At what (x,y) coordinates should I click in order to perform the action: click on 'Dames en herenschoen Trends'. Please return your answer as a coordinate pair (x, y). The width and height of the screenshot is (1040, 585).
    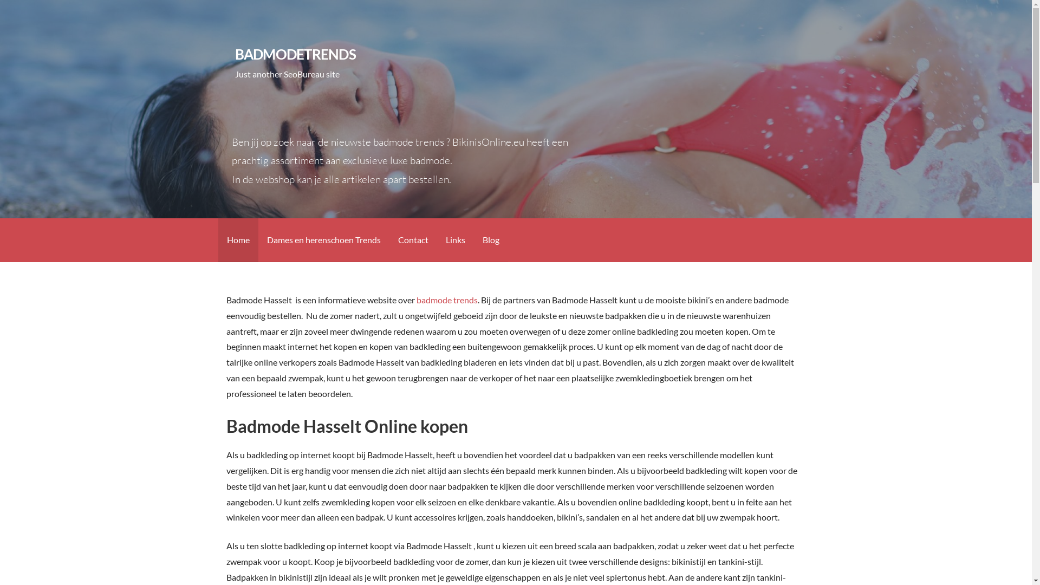
    Looking at the image, I should click on (322, 239).